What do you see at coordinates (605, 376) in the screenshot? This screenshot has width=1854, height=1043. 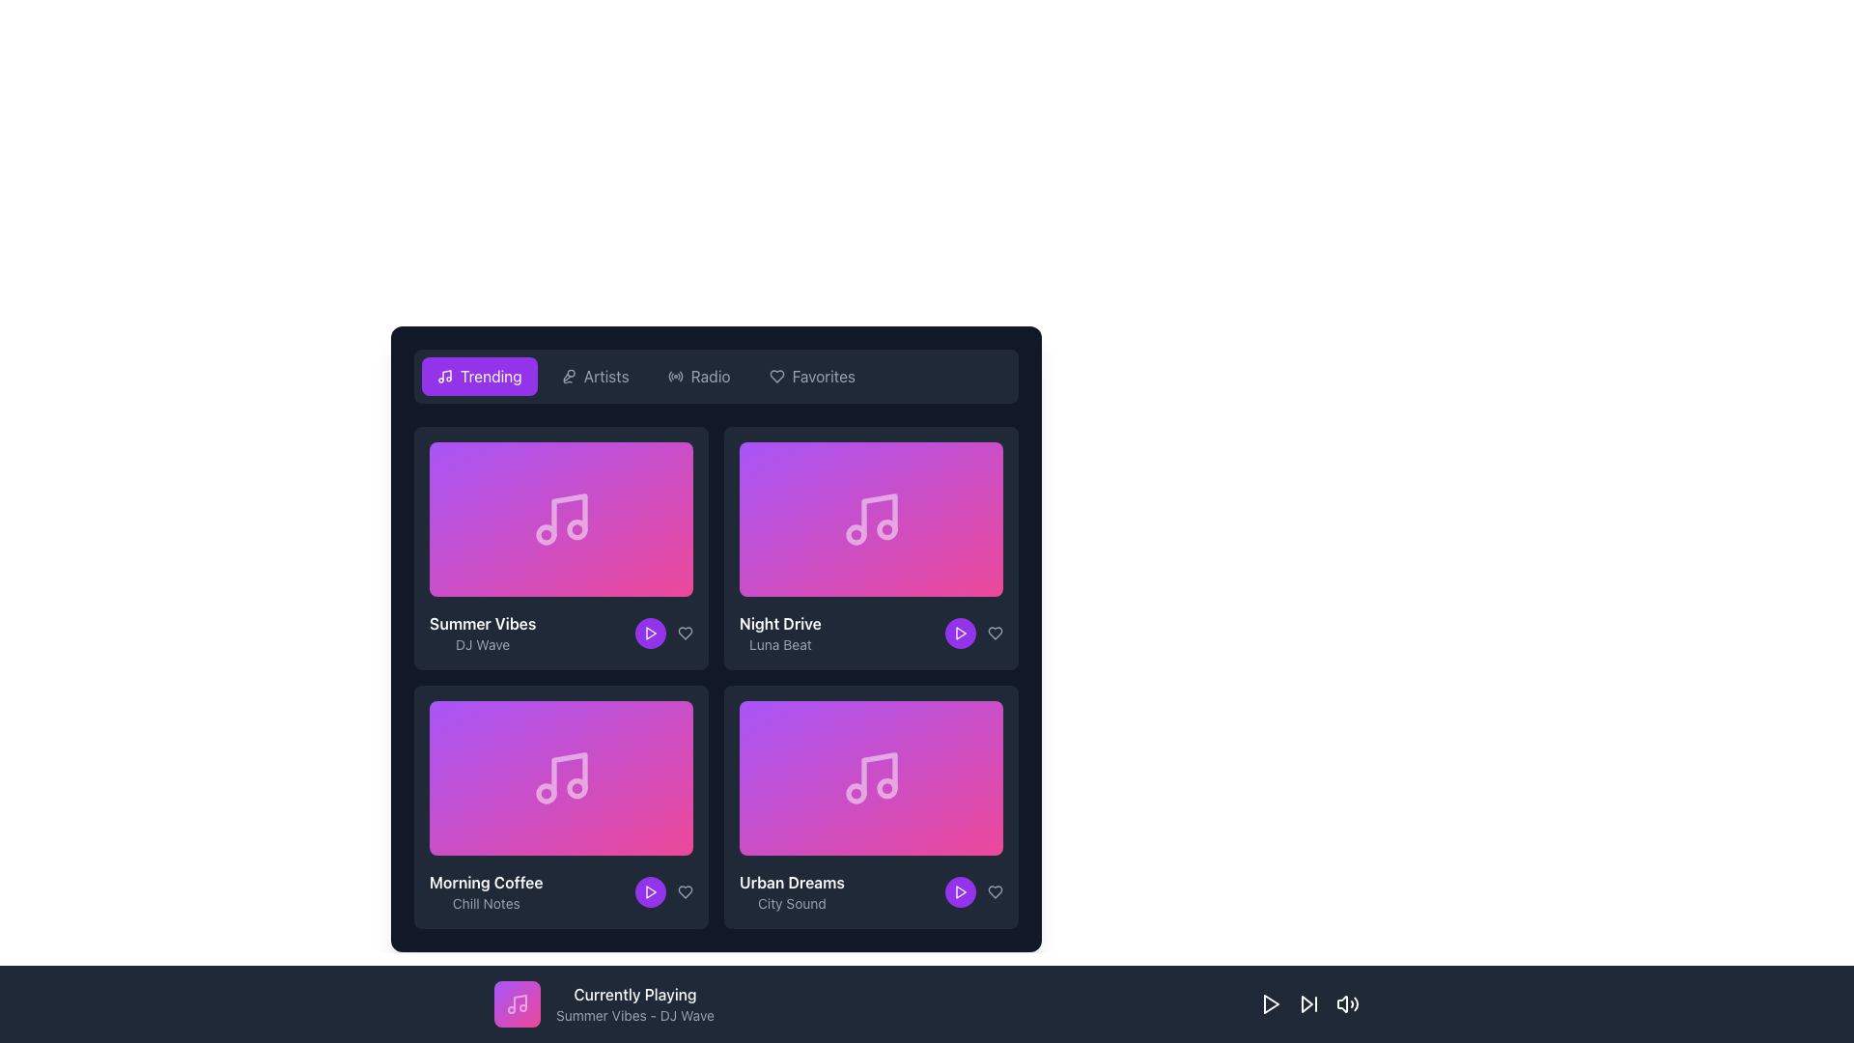 I see `the 'Artists' navigation link` at bounding box center [605, 376].